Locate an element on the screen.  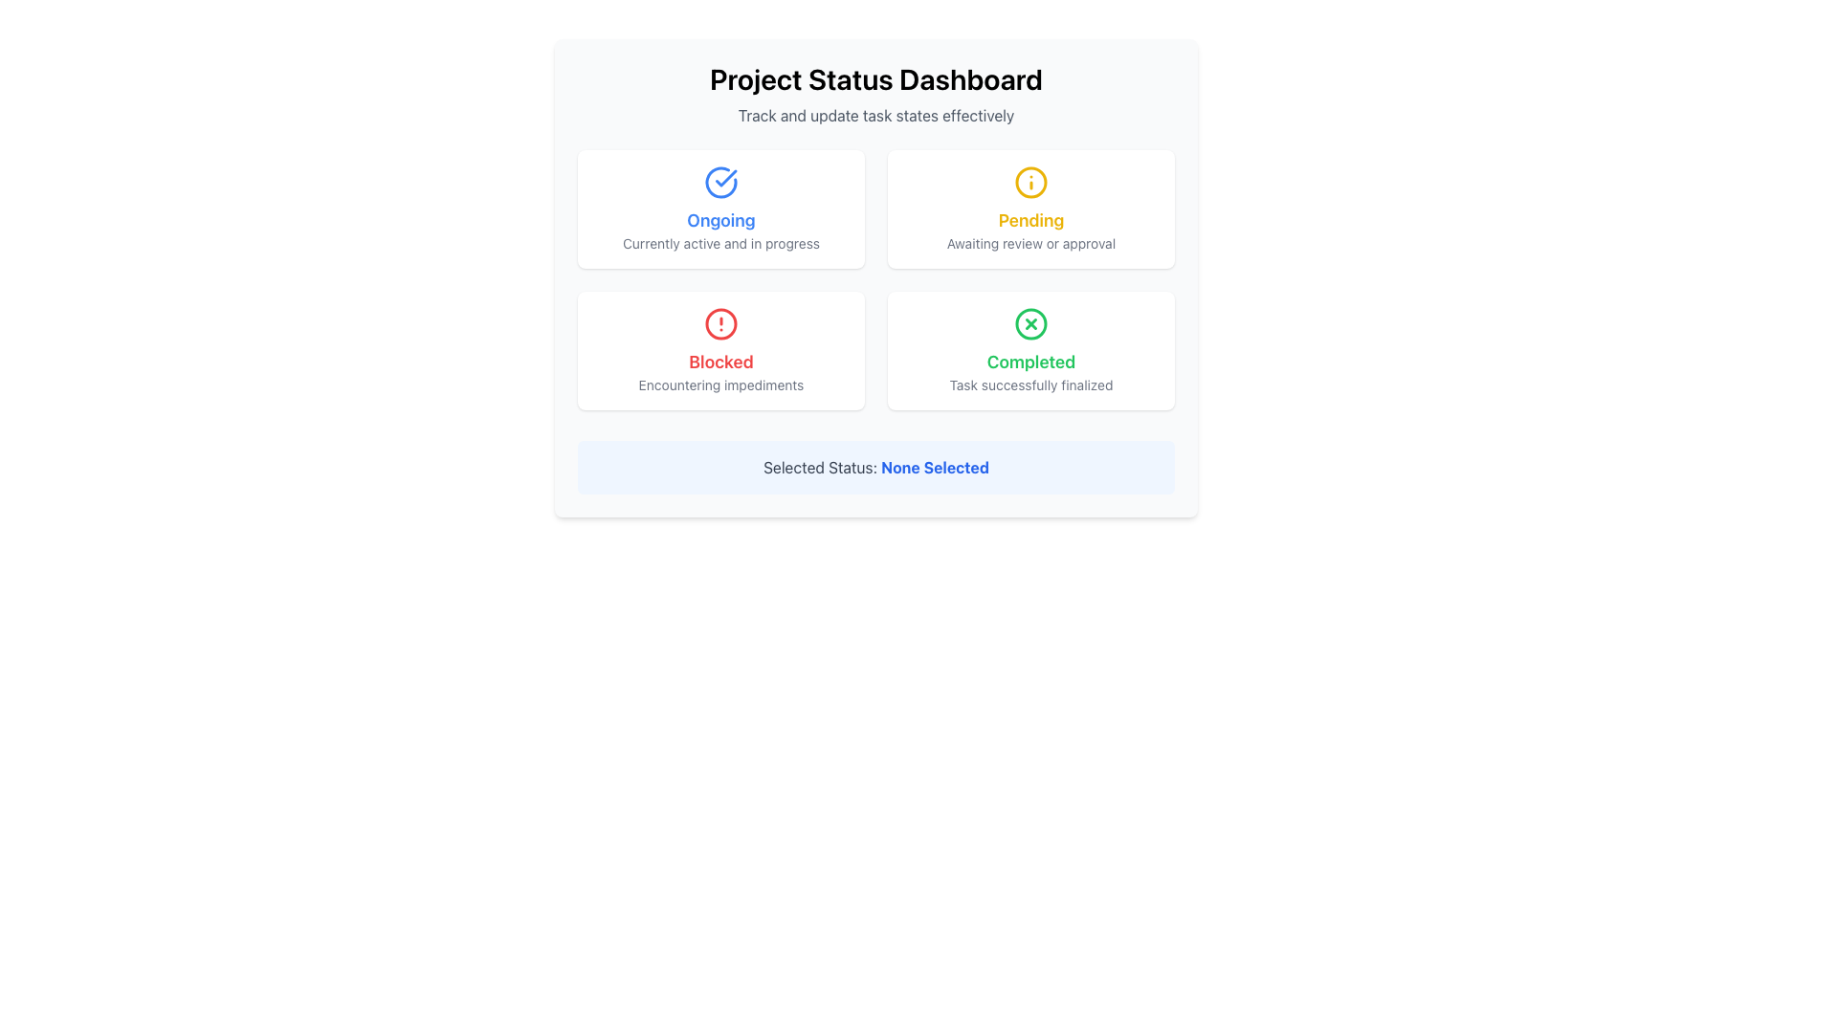
the prominent heading indicating the title of the dashboard, which is positioned above the subtitle 'Track and update task states effectively.' is located at coordinates (875, 78).